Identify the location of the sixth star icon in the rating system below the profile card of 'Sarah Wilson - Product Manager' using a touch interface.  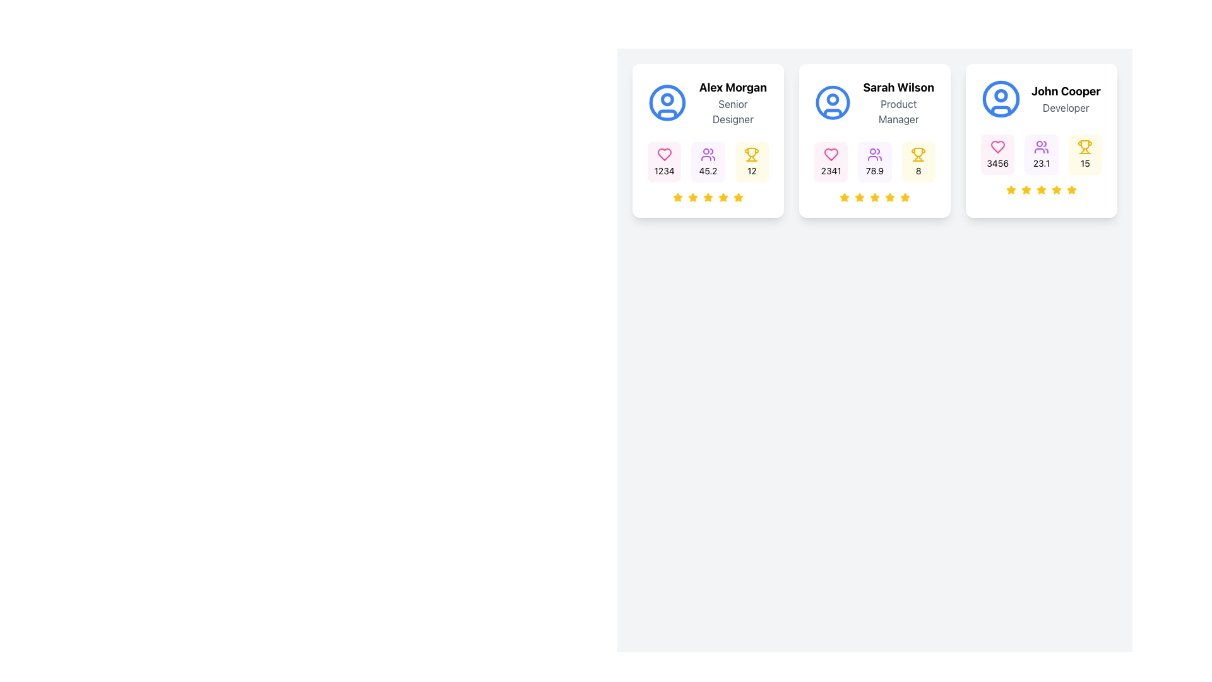
(889, 197).